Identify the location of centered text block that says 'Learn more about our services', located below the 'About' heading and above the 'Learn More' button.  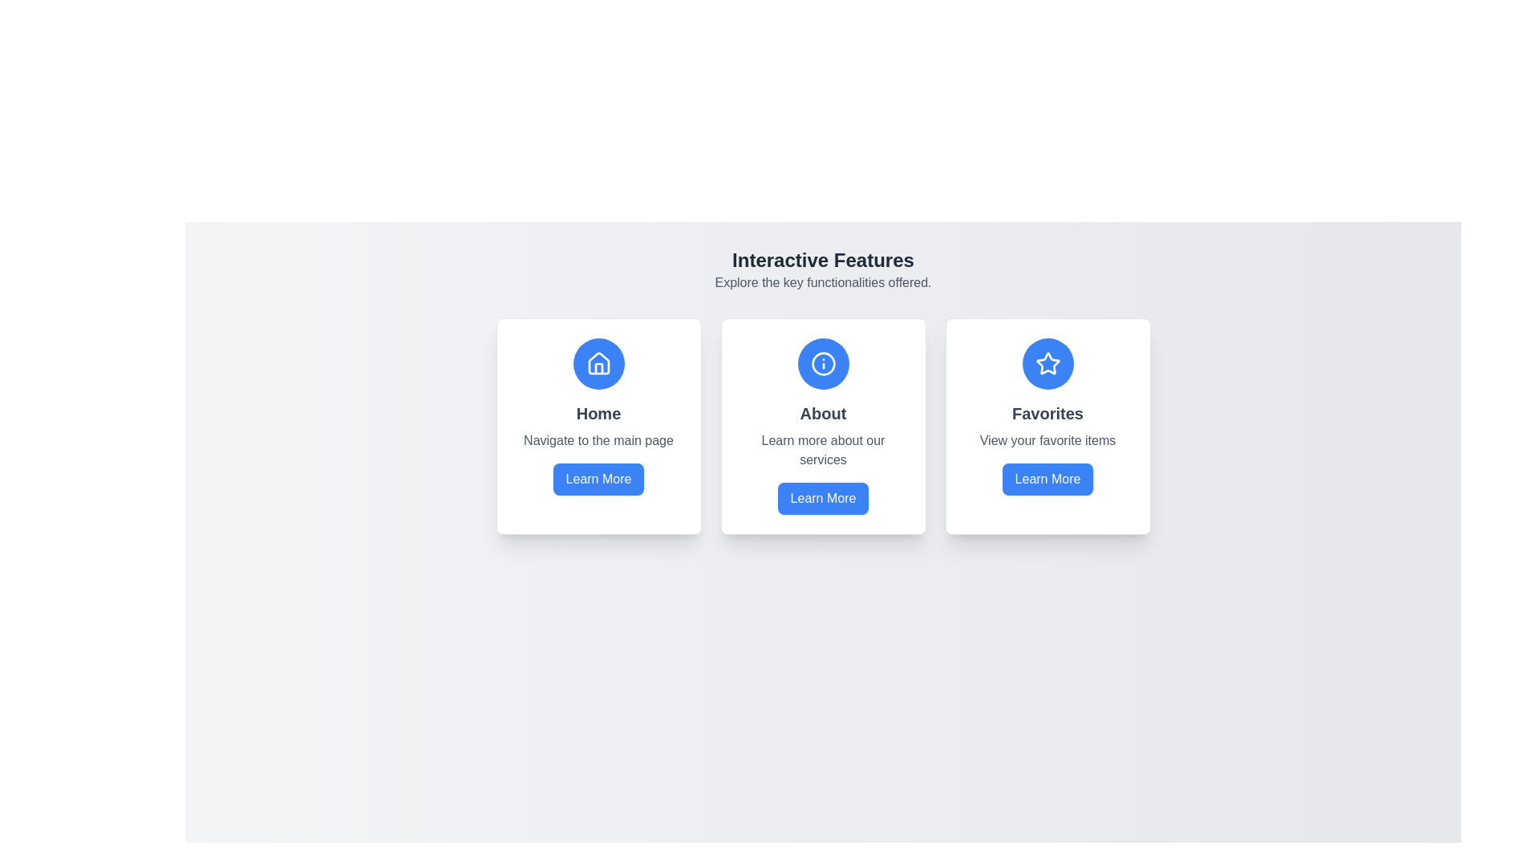
(823, 451).